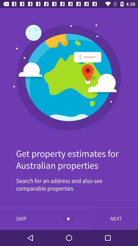  I want to click on the skip item, so click(21, 219).